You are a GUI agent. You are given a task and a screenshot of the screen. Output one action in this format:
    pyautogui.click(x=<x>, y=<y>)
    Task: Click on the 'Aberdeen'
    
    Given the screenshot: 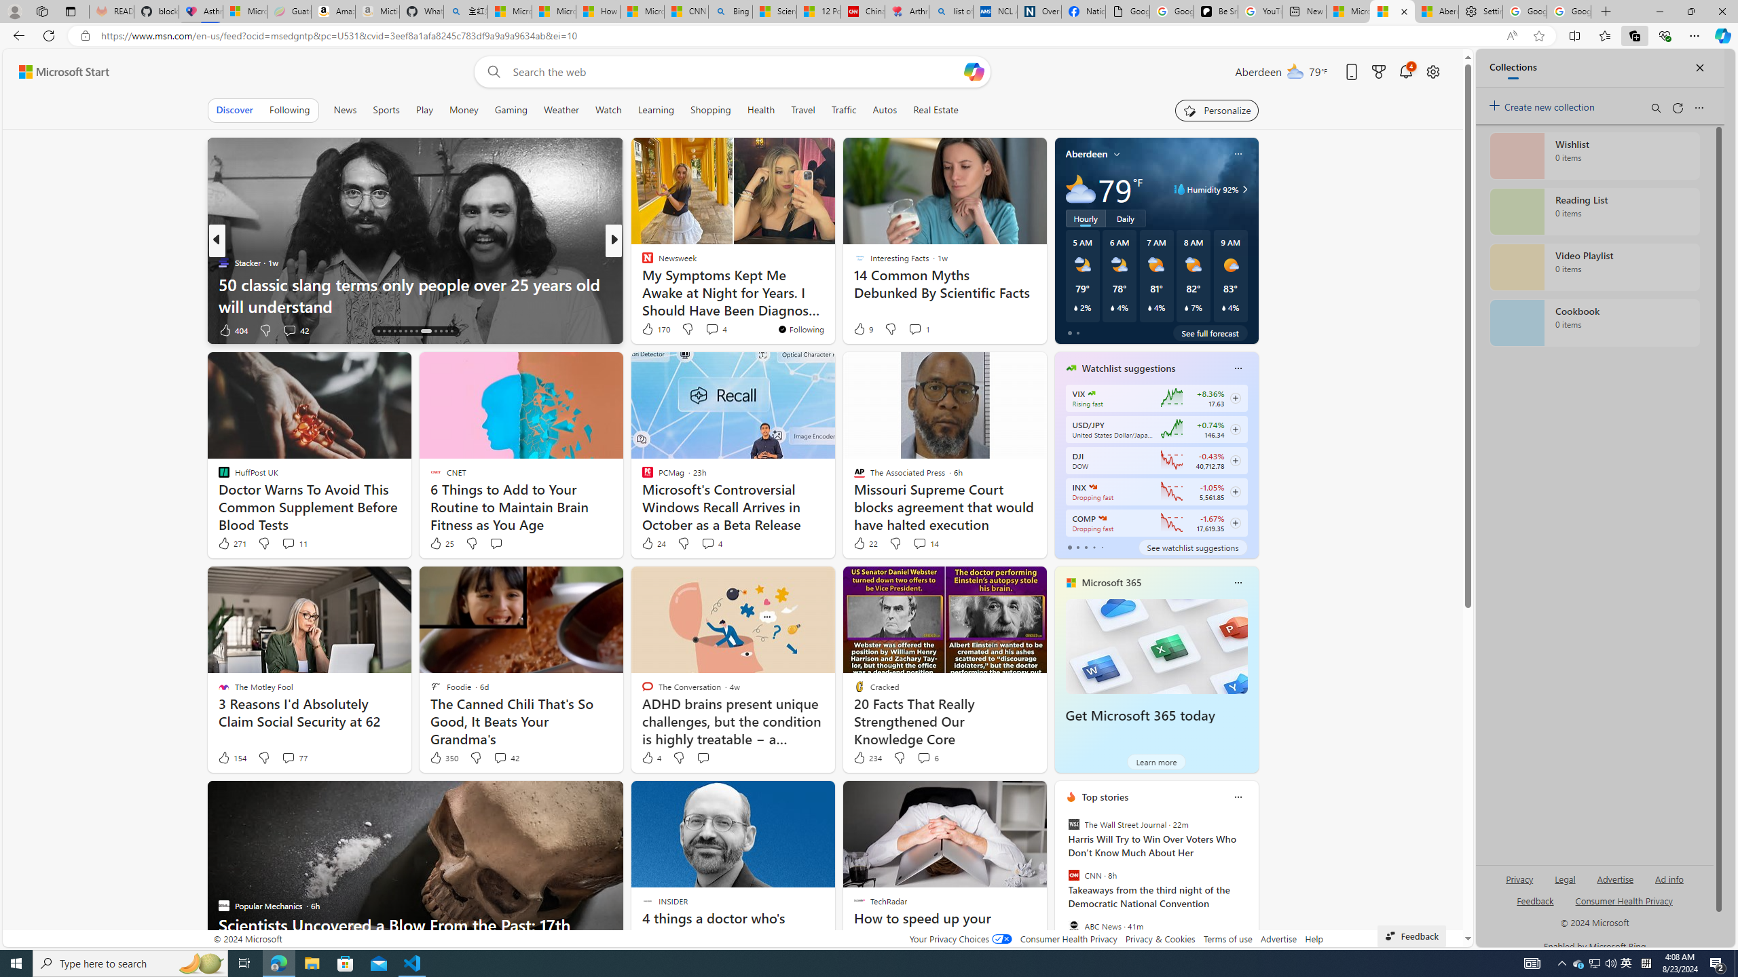 What is the action you would take?
    pyautogui.click(x=1087, y=153)
    